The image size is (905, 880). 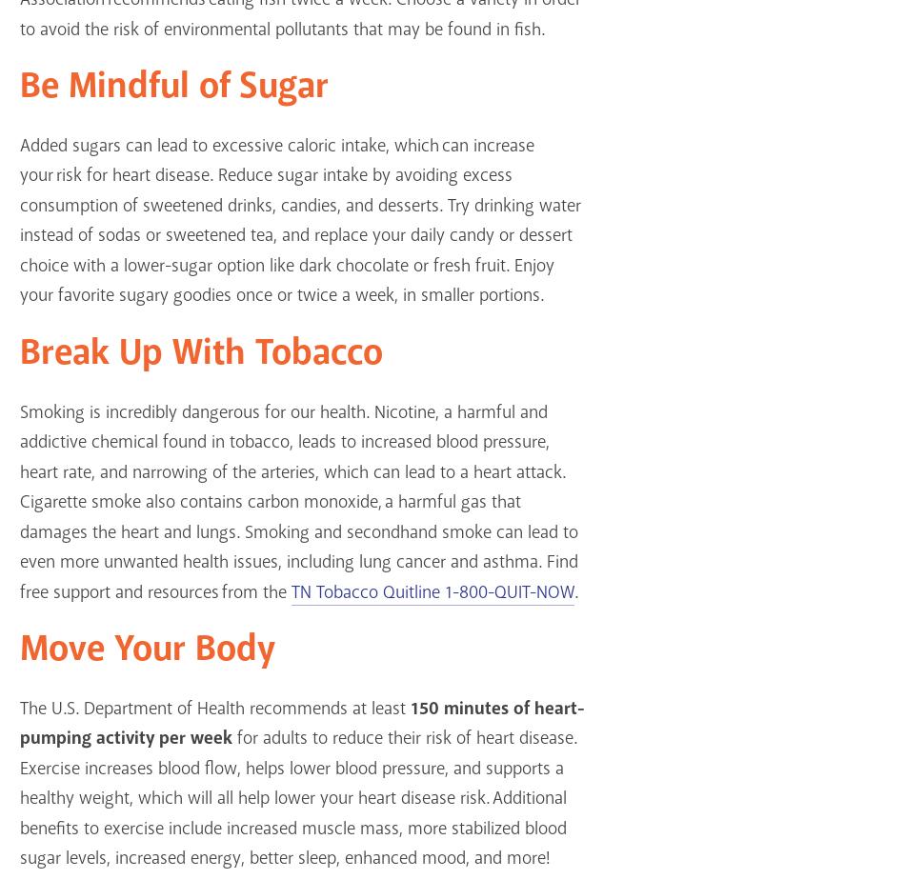 I want to click on 'The U.S. Department of Health recommends at least', so click(x=19, y=708).